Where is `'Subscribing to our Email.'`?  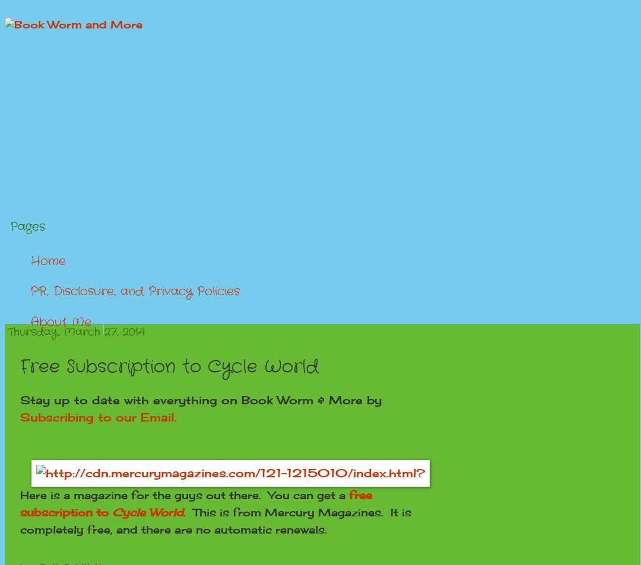 'Subscribing to our Email.' is located at coordinates (97, 417).